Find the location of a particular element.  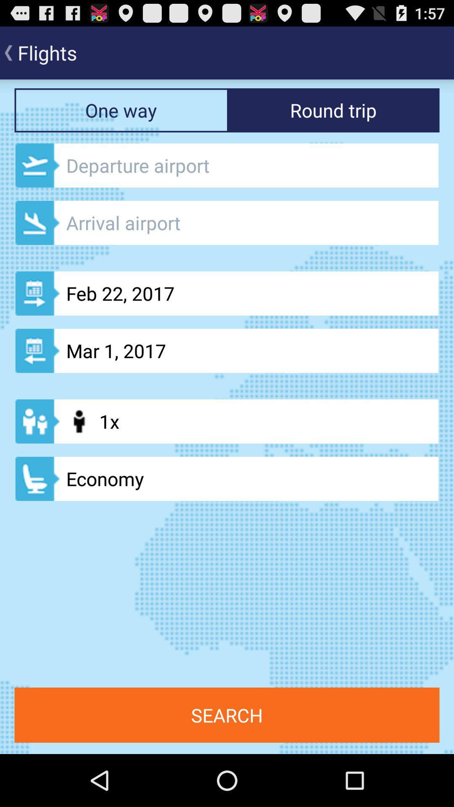

the button next to round trip is located at coordinates (121, 110).